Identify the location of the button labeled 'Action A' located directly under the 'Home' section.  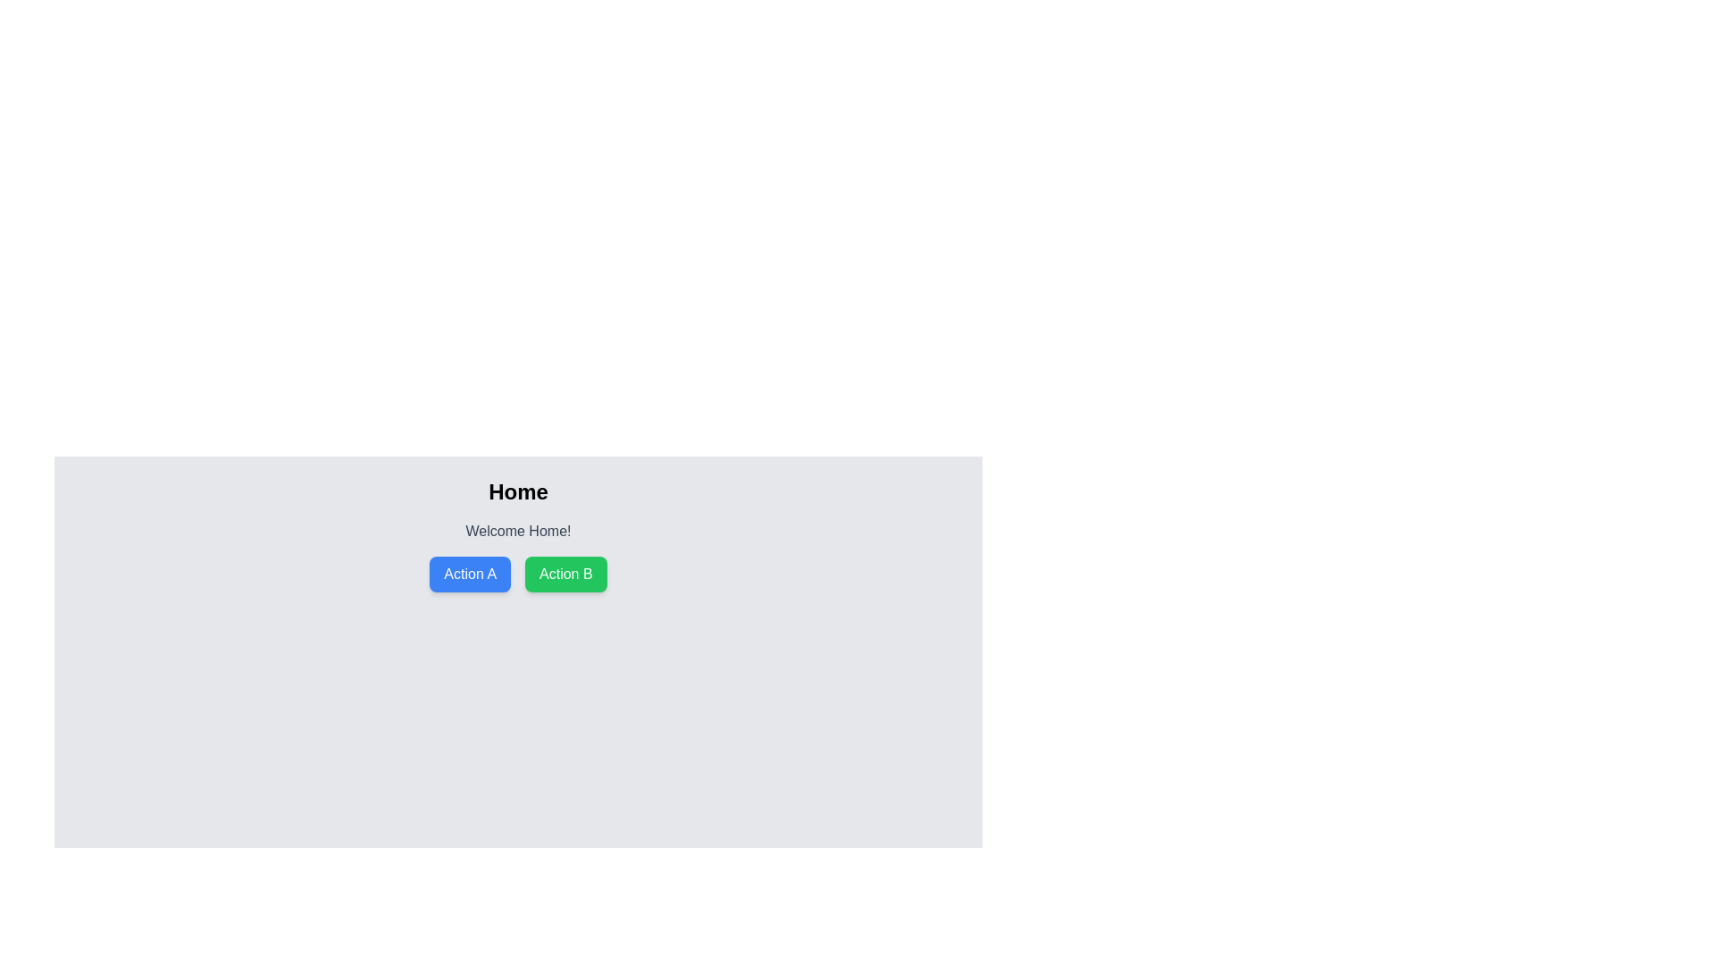
(470, 575).